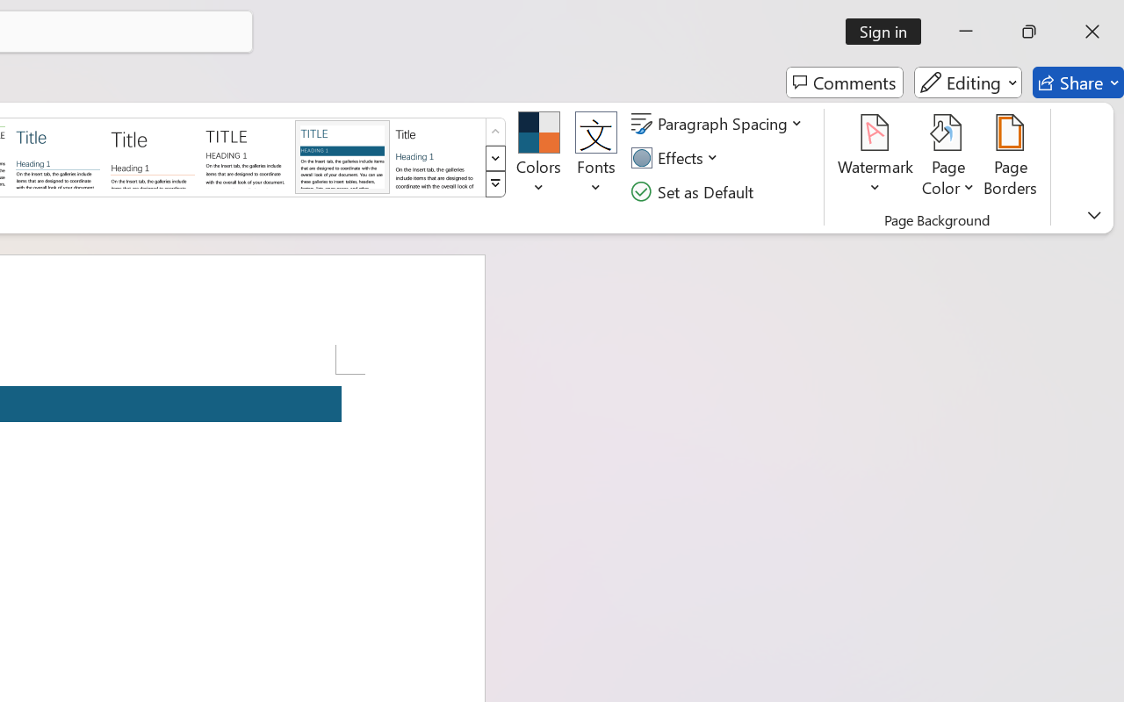 The width and height of the screenshot is (1124, 702). What do you see at coordinates (494, 184) in the screenshot?
I see `'Style Set'` at bounding box center [494, 184].